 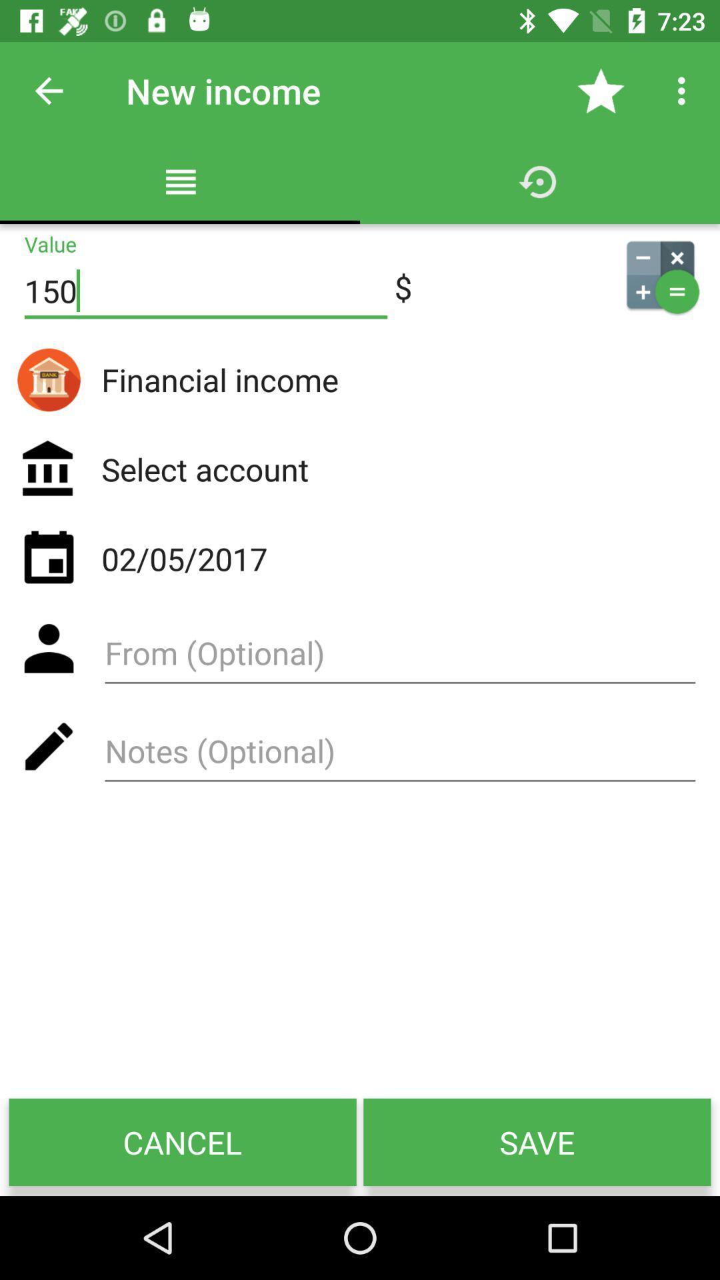 I want to click on open calculator, so click(x=660, y=274).